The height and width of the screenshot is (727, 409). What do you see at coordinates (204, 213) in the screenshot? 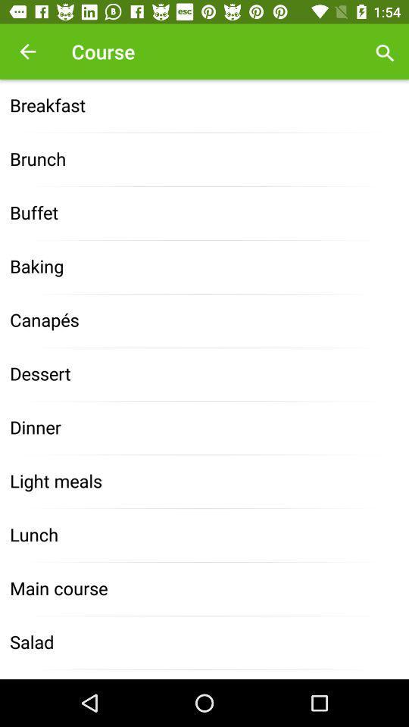
I see `buffet icon` at bounding box center [204, 213].